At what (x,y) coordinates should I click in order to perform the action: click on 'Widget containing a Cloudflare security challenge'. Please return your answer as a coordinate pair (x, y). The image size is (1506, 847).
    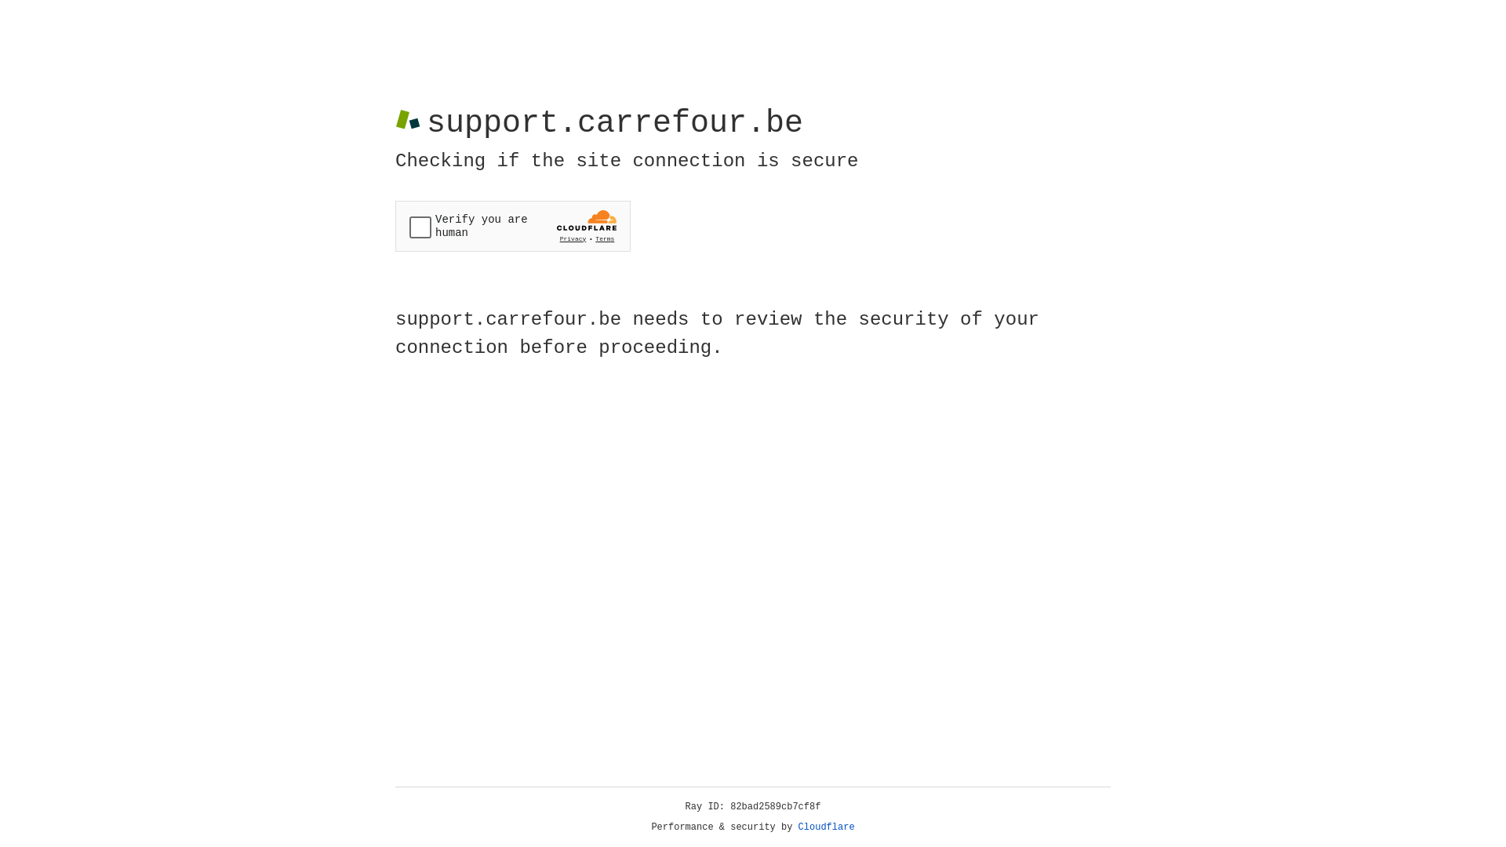
    Looking at the image, I should click on (512, 226).